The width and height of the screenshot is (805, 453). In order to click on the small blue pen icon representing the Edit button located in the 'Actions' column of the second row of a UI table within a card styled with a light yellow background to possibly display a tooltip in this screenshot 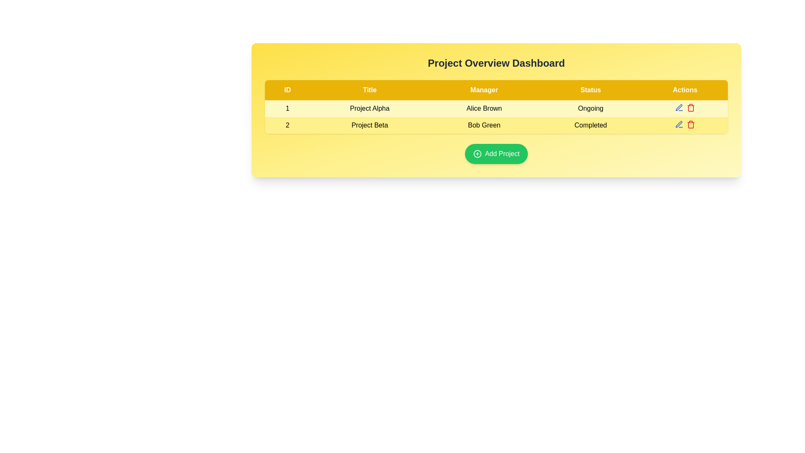, I will do `click(679, 107)`.